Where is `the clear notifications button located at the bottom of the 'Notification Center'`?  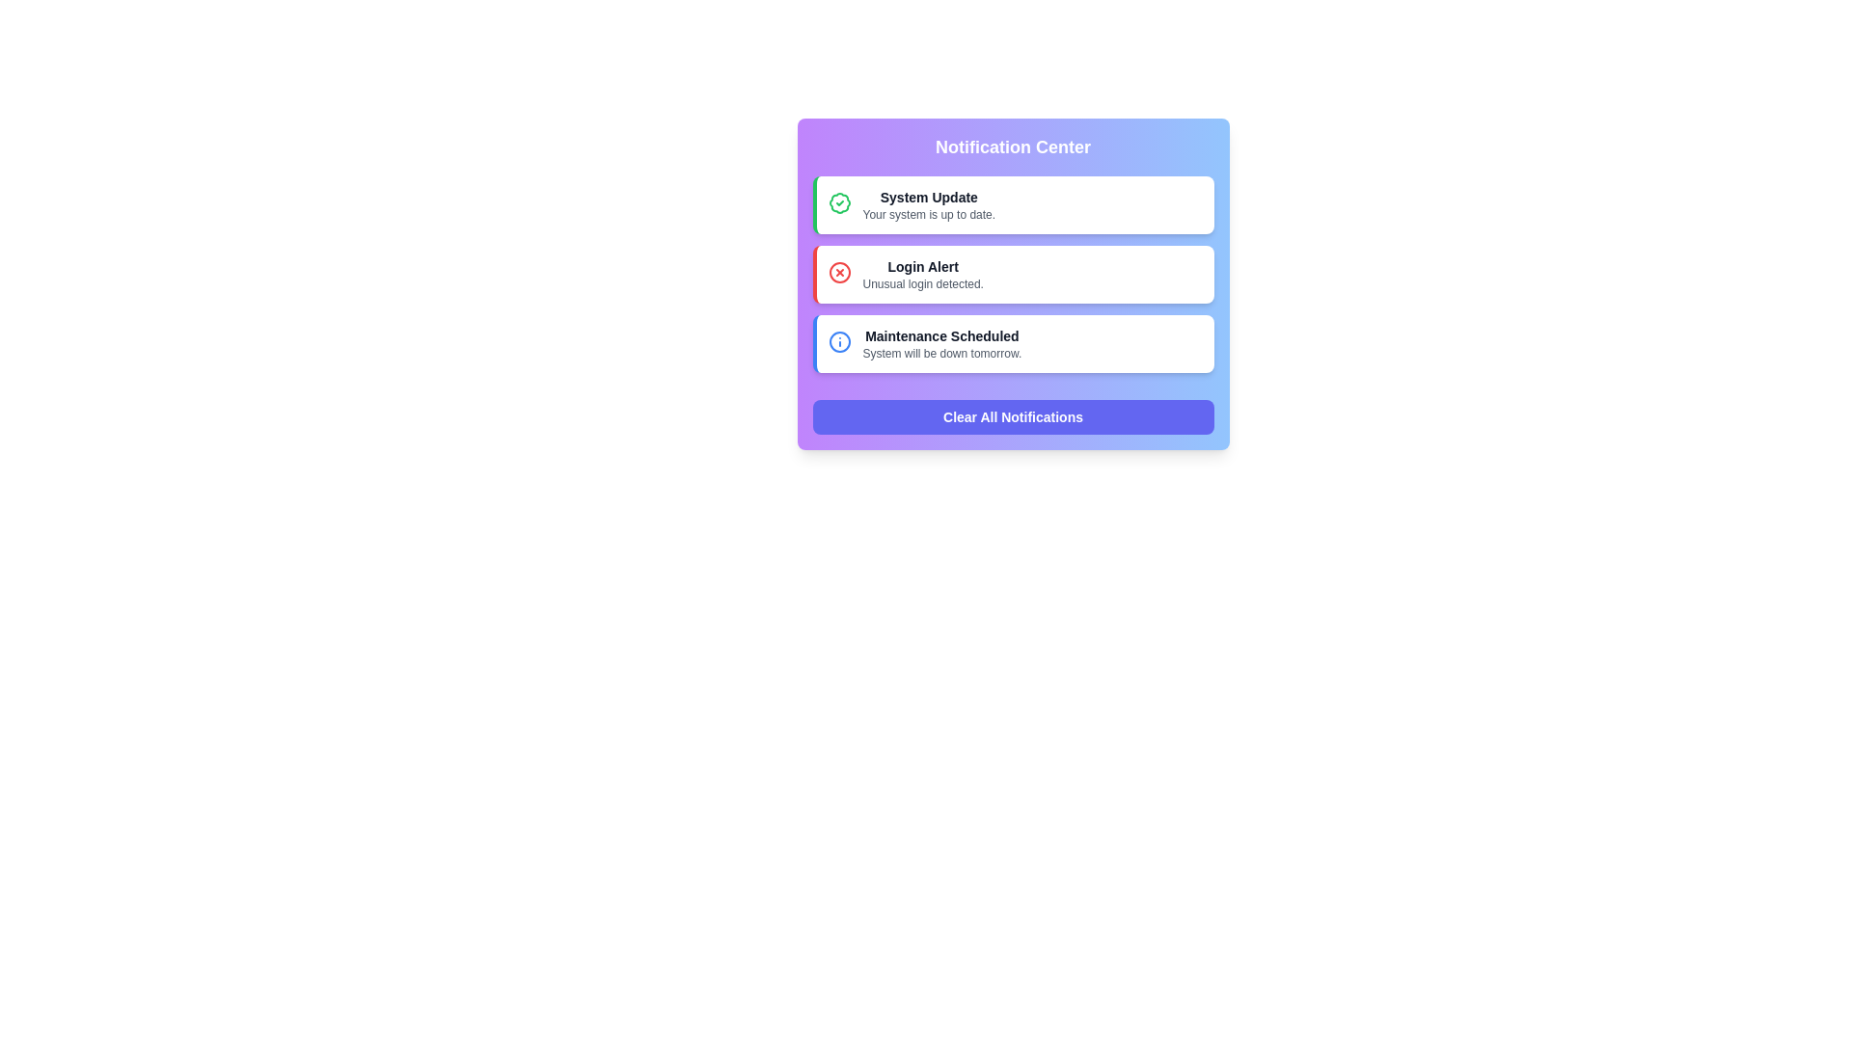
the clear notifications button located at the bottom of the 'Notification Center' is located at coordinates (1012, 415).